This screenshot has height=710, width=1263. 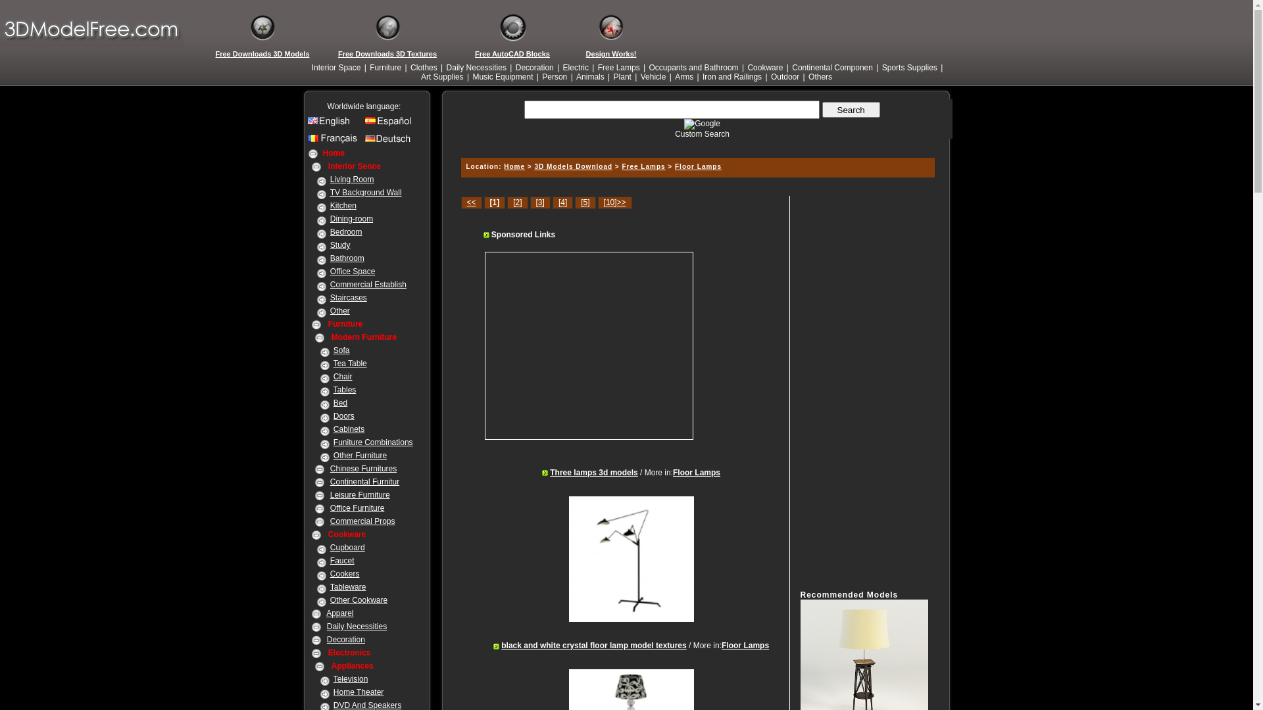 What do you see at coordinates (693, 68) in the screenshot?
I see `'Occupants and Bathroom'` at bounding box center [693, 68].